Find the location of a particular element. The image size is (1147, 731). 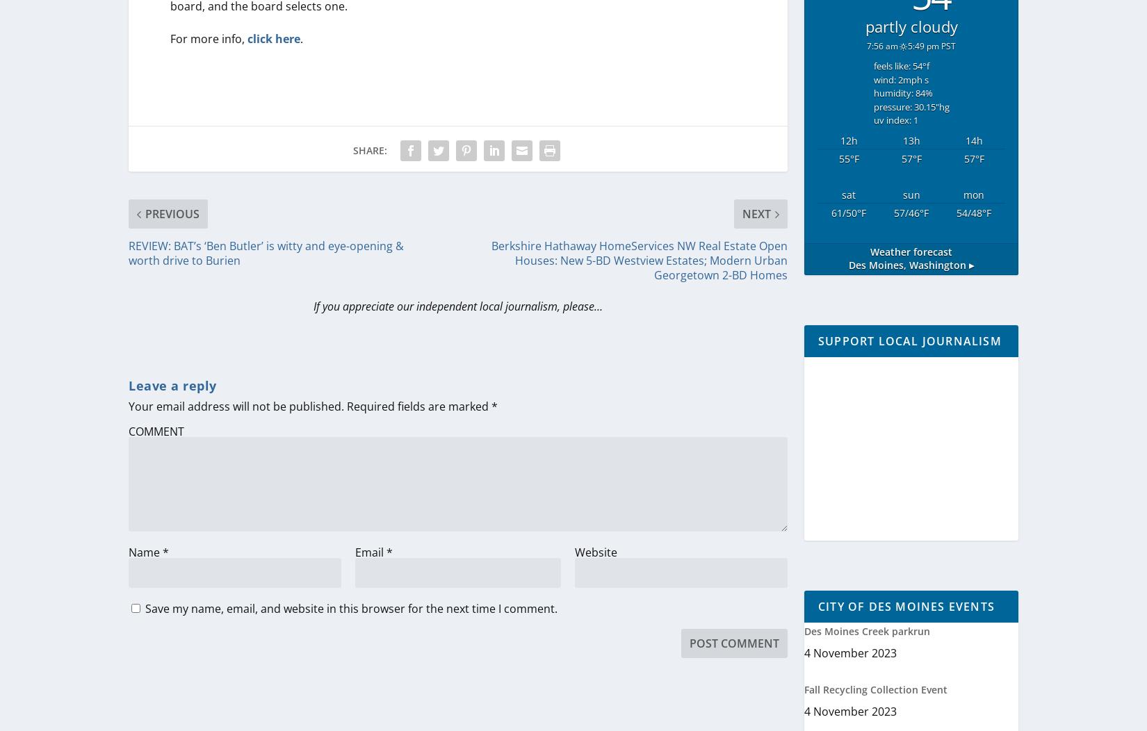

'Website' is located at coordinates (573, 552).